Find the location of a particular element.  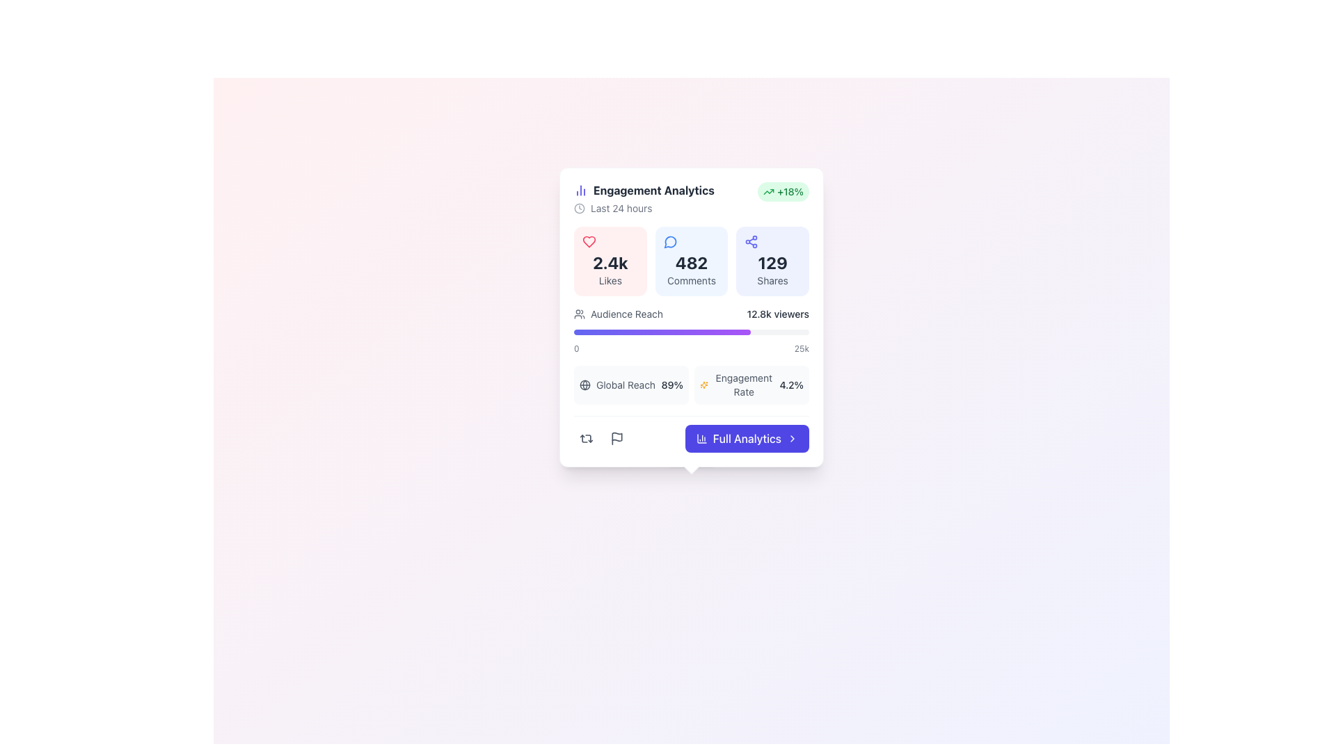

the graphical icon that indicates the purpose of the 'Full Analytics' button is located at coordinates (701, 439).